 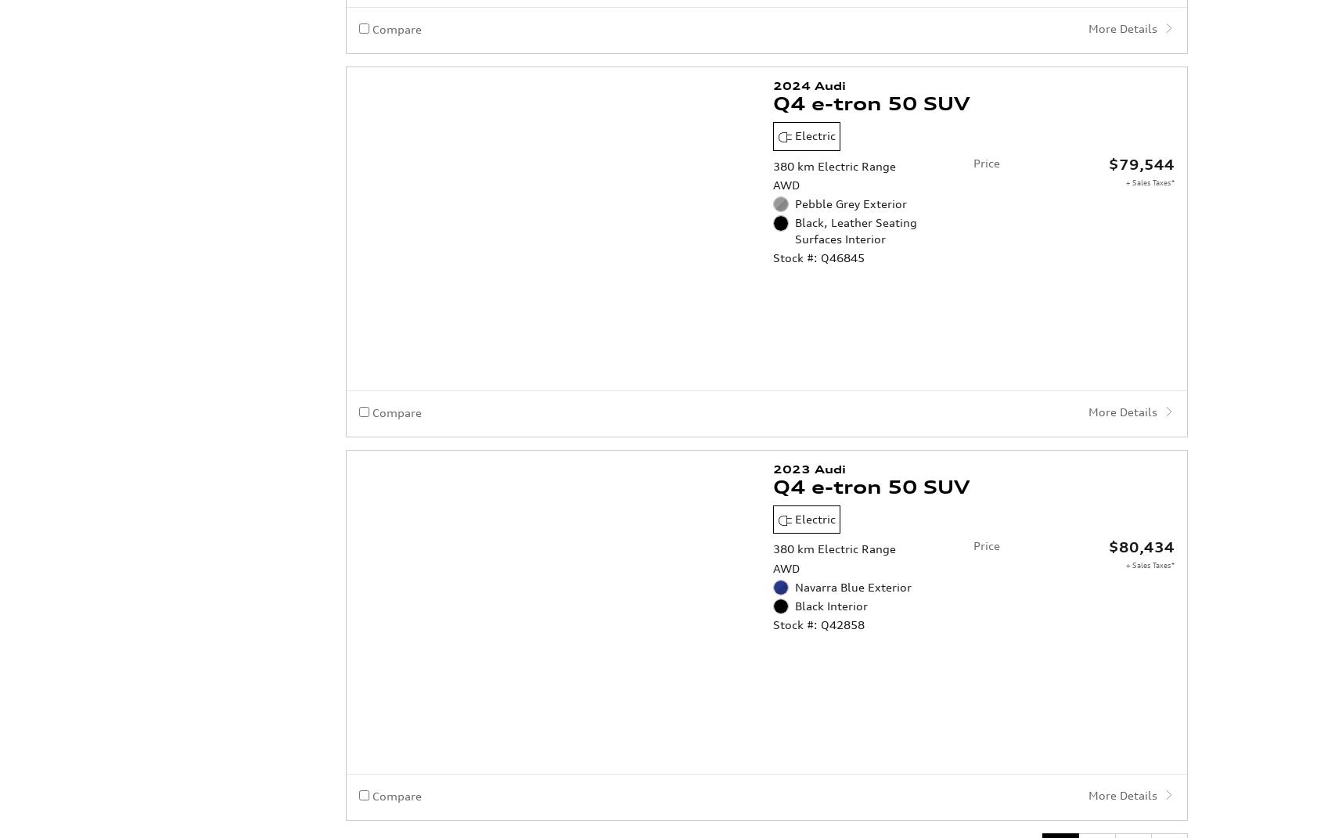 What do you see at coordinates (853, 461) in the screenshot?
I see `'Navarra Blue Exterior'` at bounding box center [853, 461].